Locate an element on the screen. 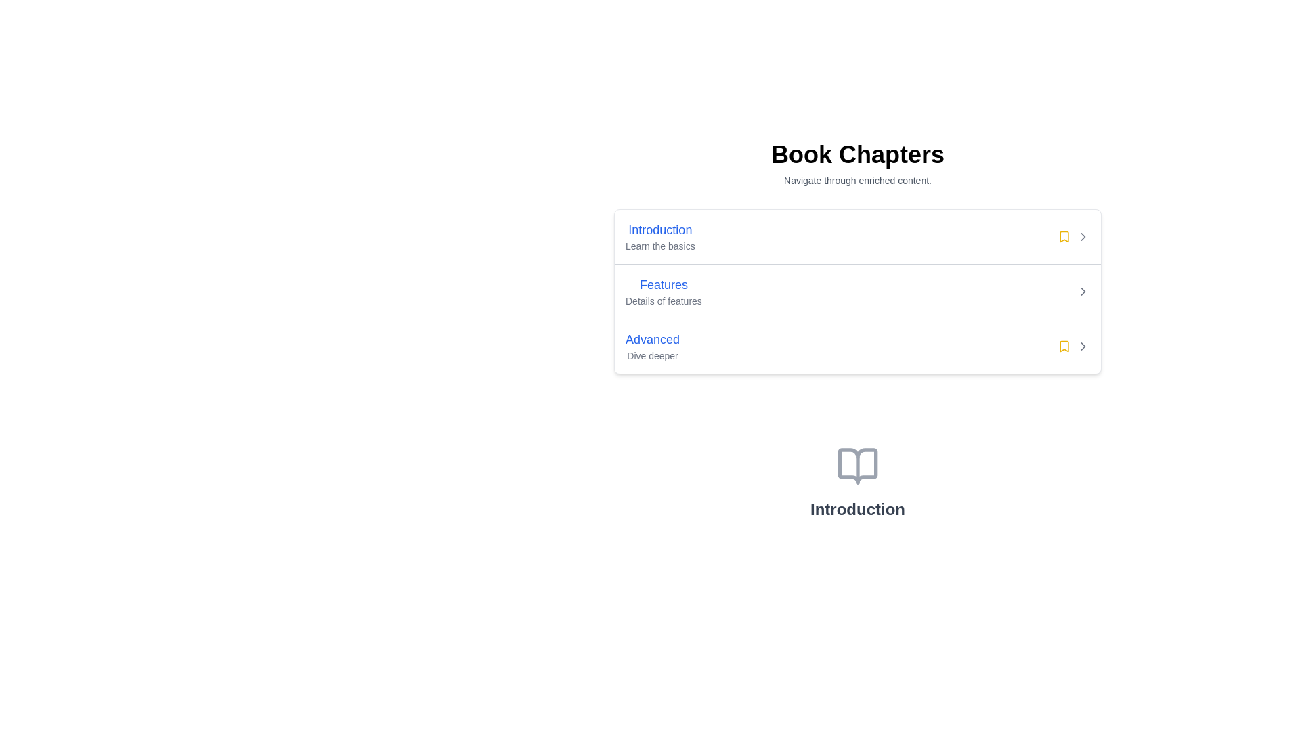 This screenshot has width=1300, height=731. the right page of the open-book icon, which serves as a symbolic link to educational content, located below the chapter list and to the right of the spine line is located at coordinates (857, 466).